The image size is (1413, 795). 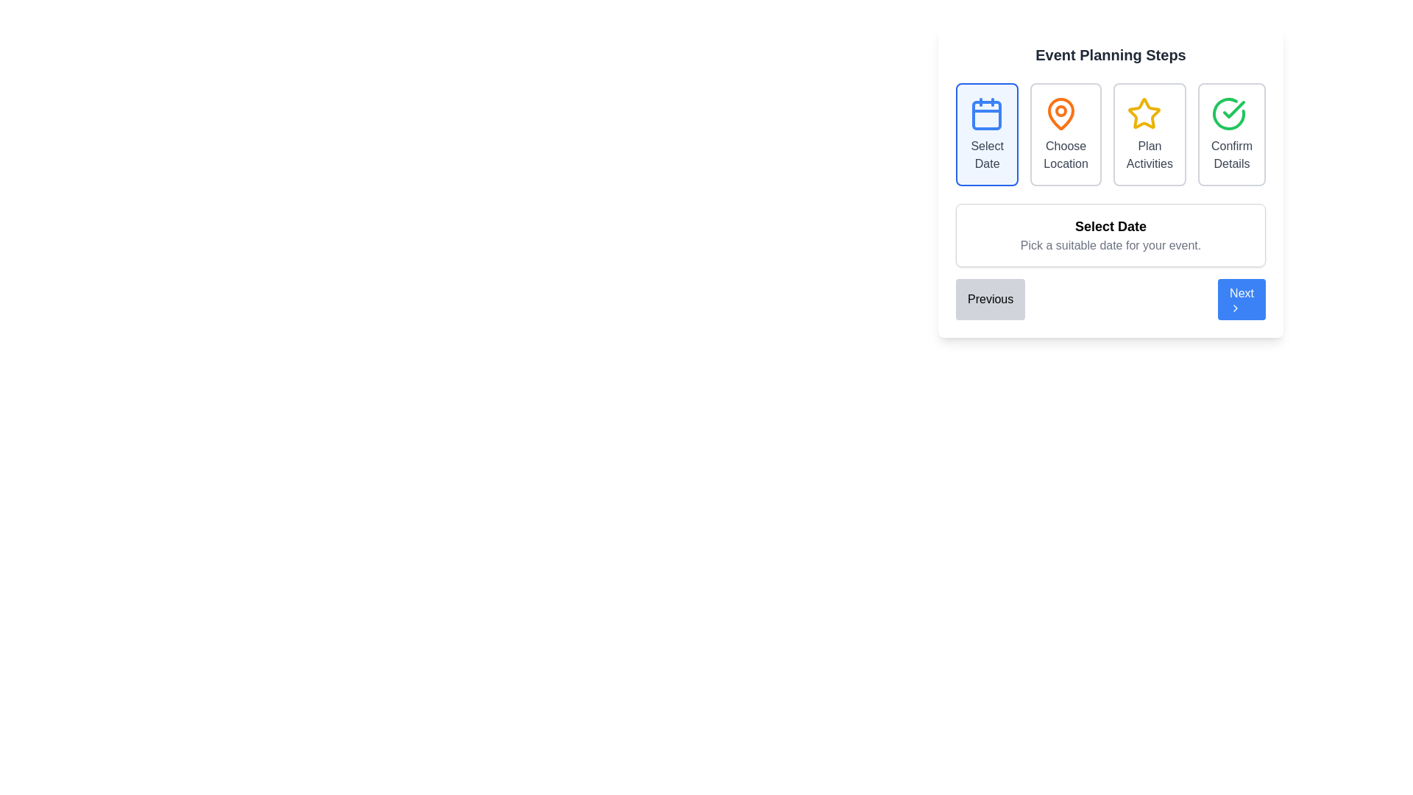 What do you see at coordinates (1229, 113) in the screenshot?
I see `the confirmation icon, which is a green outlined circle with a check mark in its center, located in the top right corner of the four-icon step indicator` at bounding box center [1229, 113].